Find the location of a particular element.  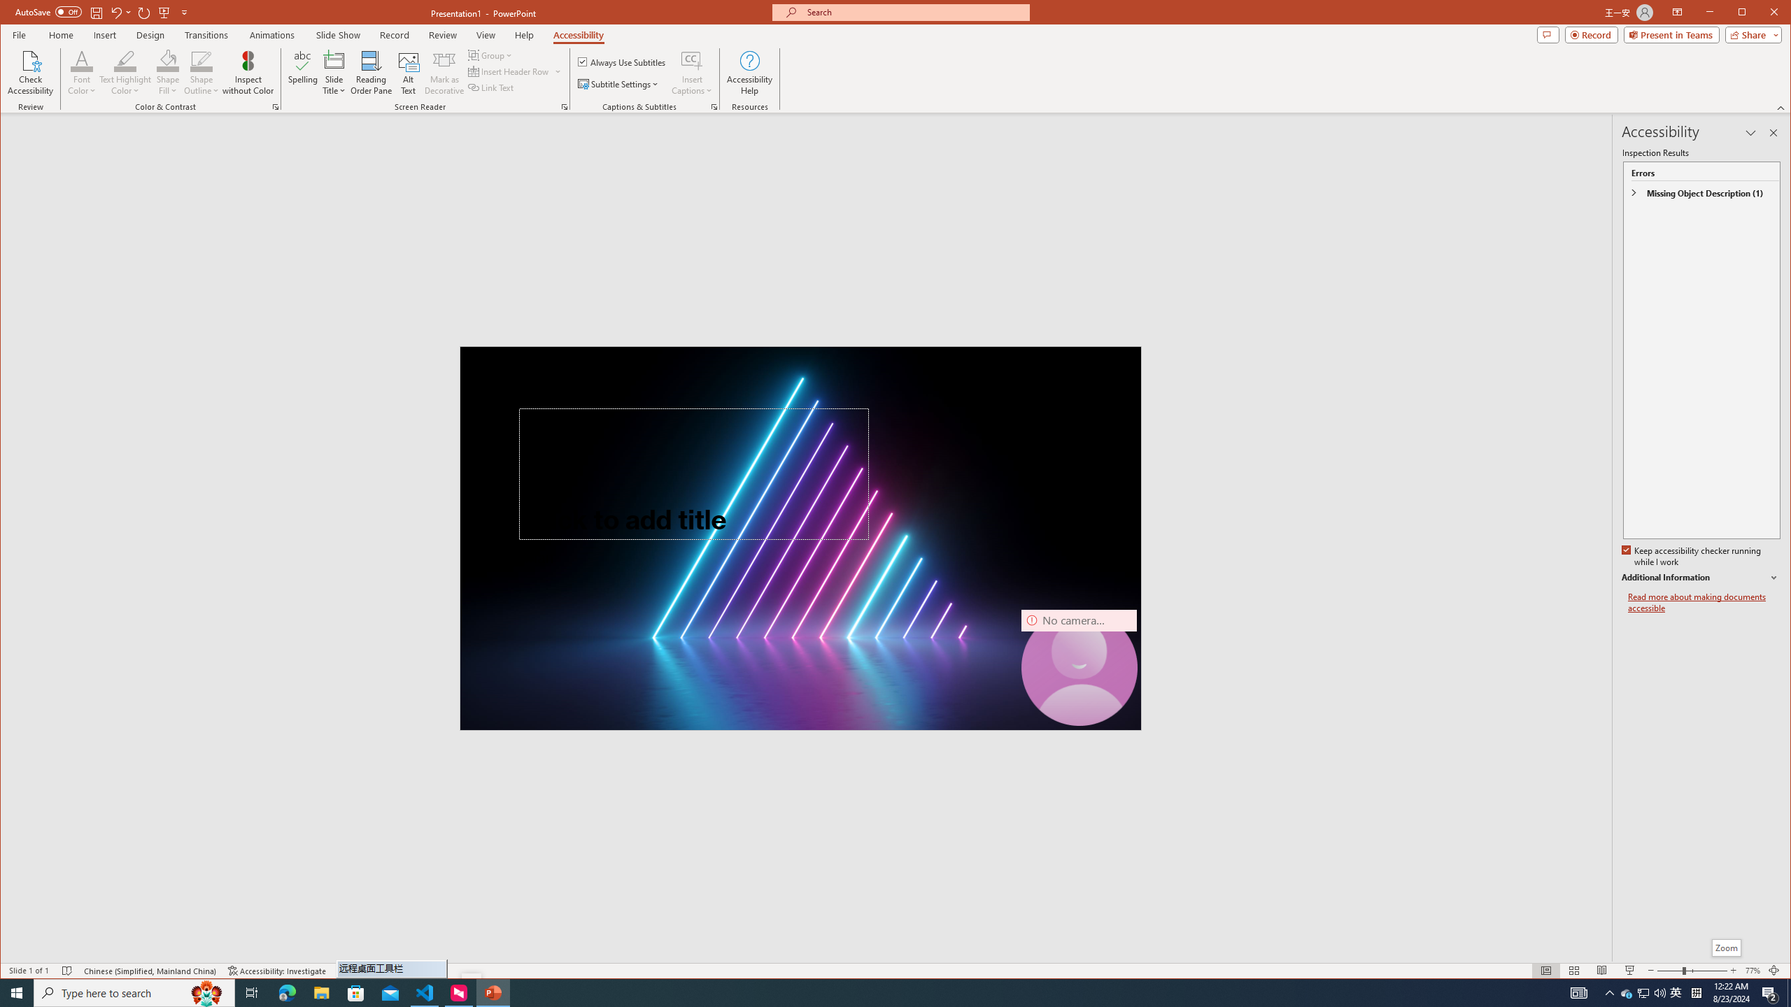

'Neon laser lights aligned to form a triangle' is located at coordinates (800, 538).